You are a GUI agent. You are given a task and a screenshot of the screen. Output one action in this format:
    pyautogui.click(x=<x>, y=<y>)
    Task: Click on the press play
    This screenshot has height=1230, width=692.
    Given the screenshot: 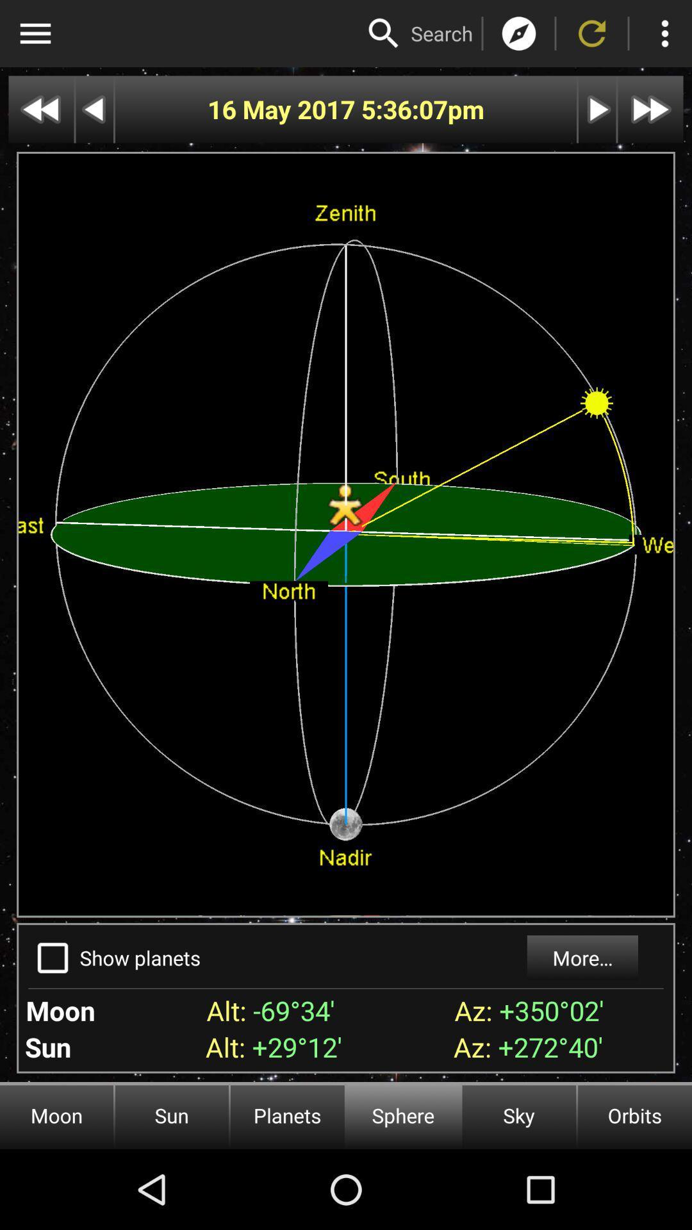 What is the action you would take?
    pyautogui.click(x=597, y=110)
    